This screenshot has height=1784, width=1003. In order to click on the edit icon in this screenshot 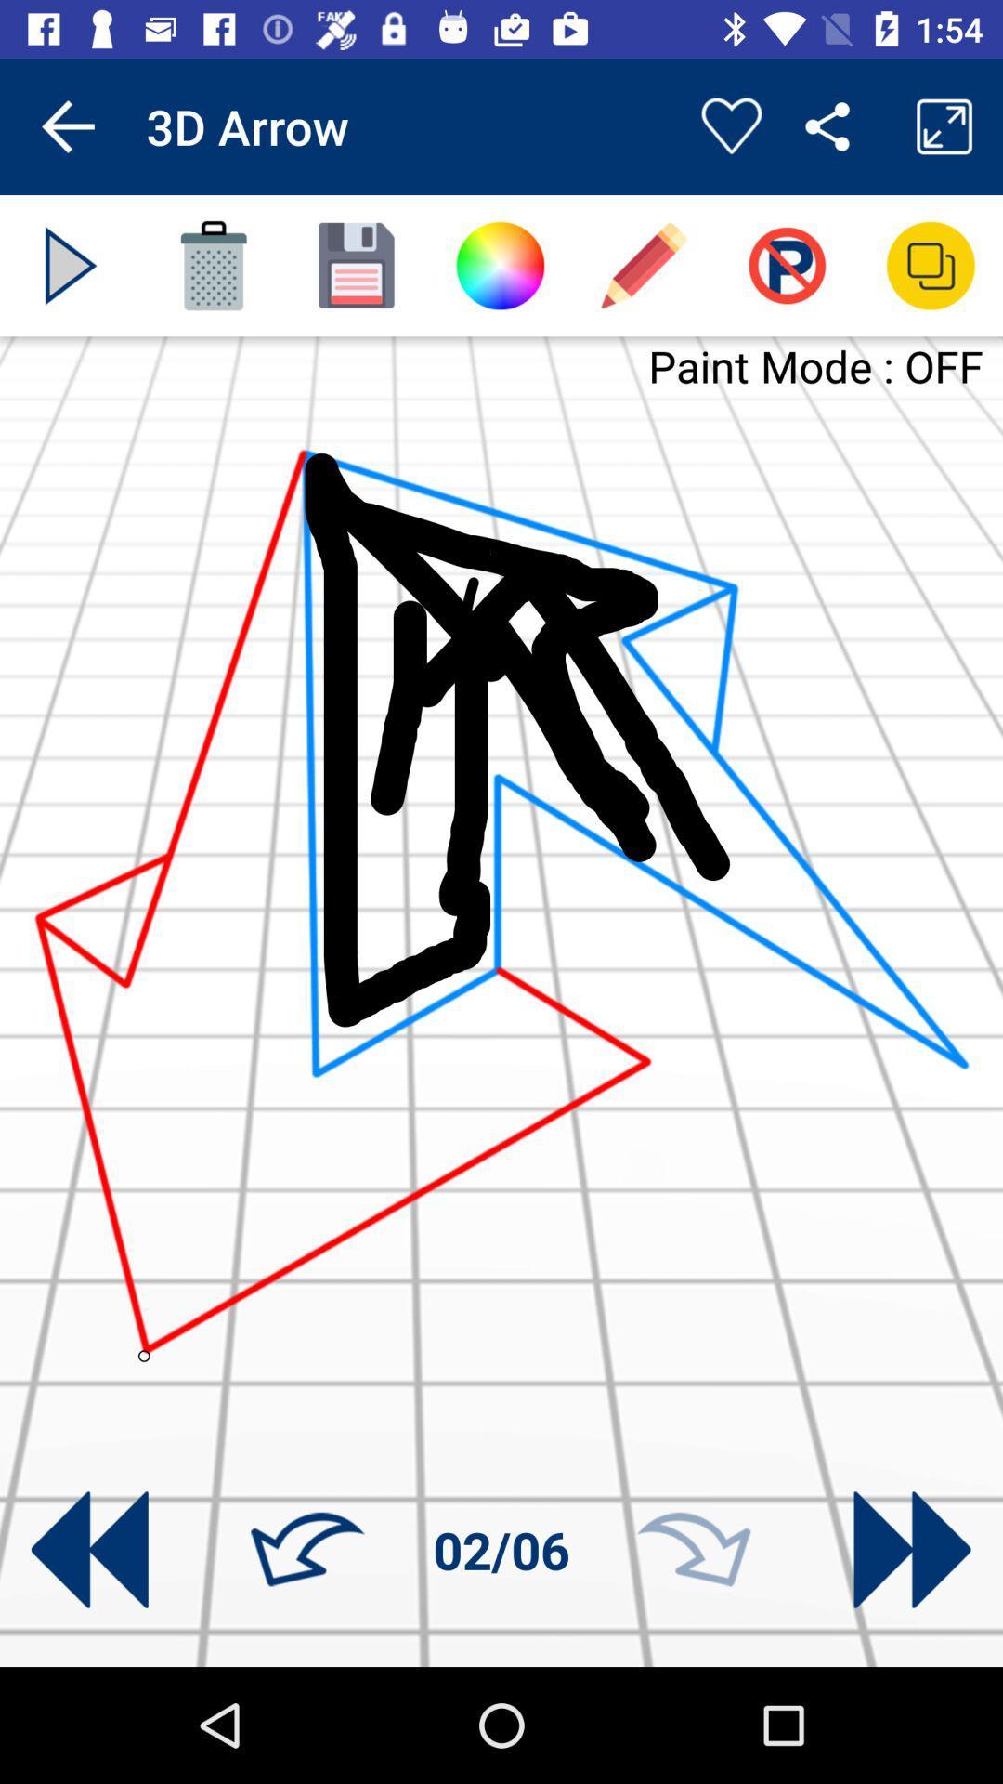, I will do `click(643, 265)`.